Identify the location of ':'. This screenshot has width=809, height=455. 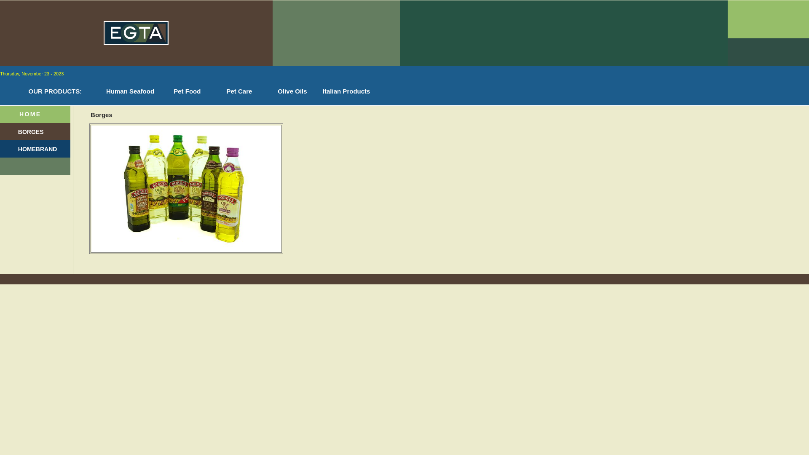
(80, 91).